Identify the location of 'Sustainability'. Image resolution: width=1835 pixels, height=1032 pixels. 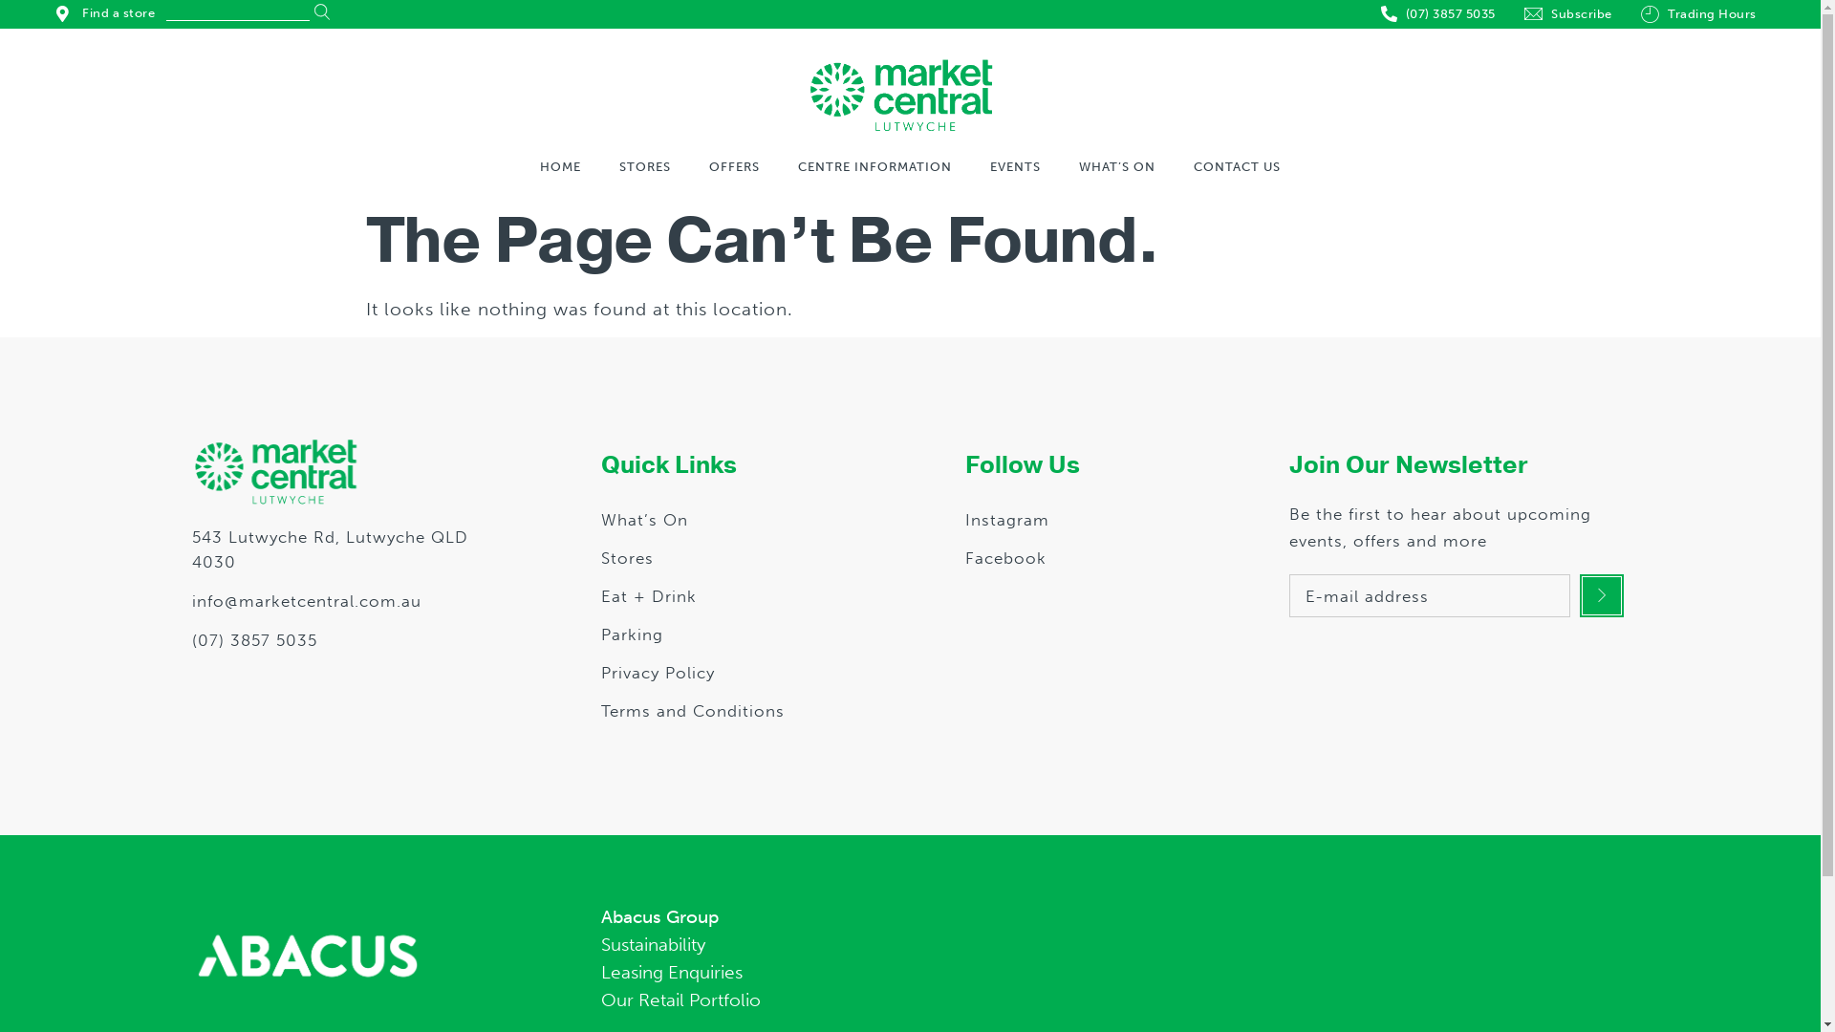
(1097, 944).